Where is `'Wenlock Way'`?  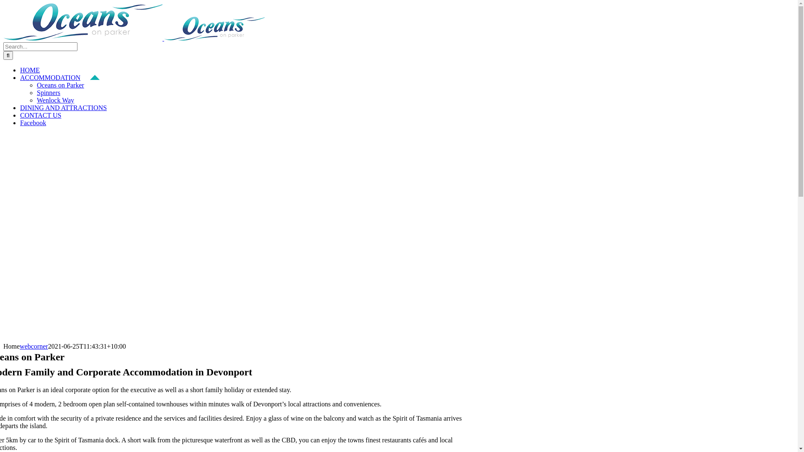
'Wenlock Way' is located at coordinates (55, 100).